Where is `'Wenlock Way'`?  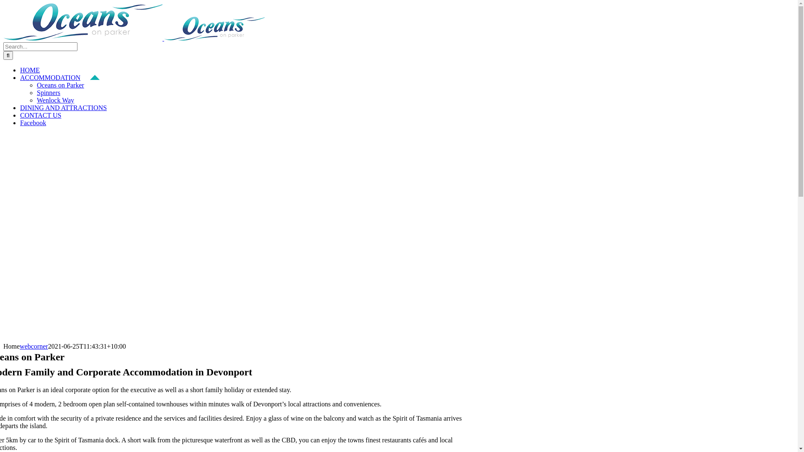
'Wenlock Way' is located at coordinates (55, 100).